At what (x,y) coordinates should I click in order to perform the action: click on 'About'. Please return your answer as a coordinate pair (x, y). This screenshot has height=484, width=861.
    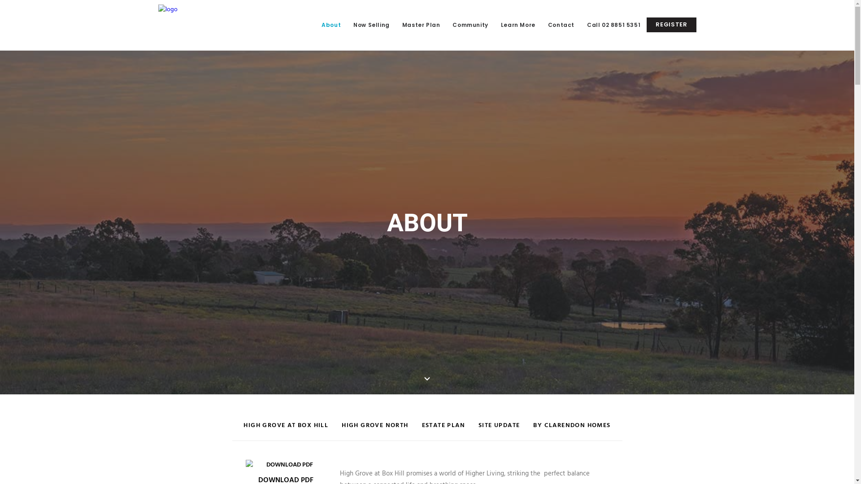
    Looking at the image, I should click on (330, 25).